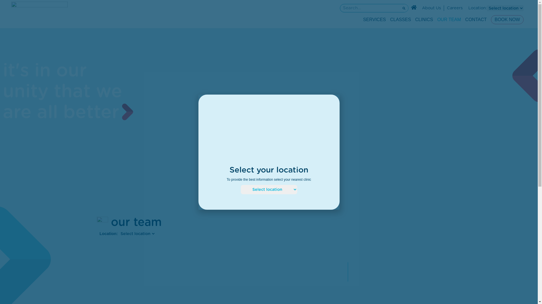 Image resolution: width=542 pixels, height=304 pixels. I want to click on 'CONTACT', so click(475, 19).